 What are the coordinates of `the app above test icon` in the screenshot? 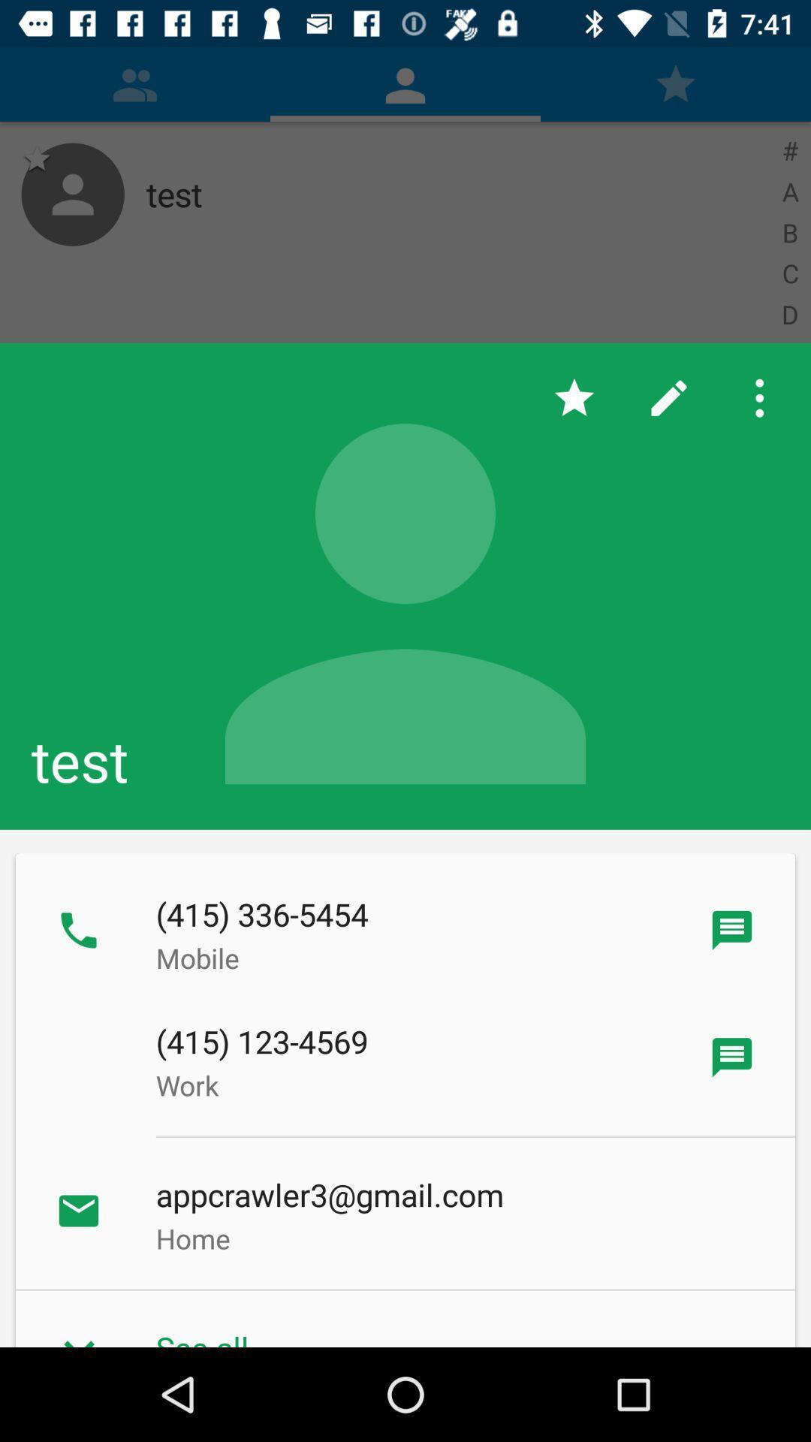 It's located at (574, 398).